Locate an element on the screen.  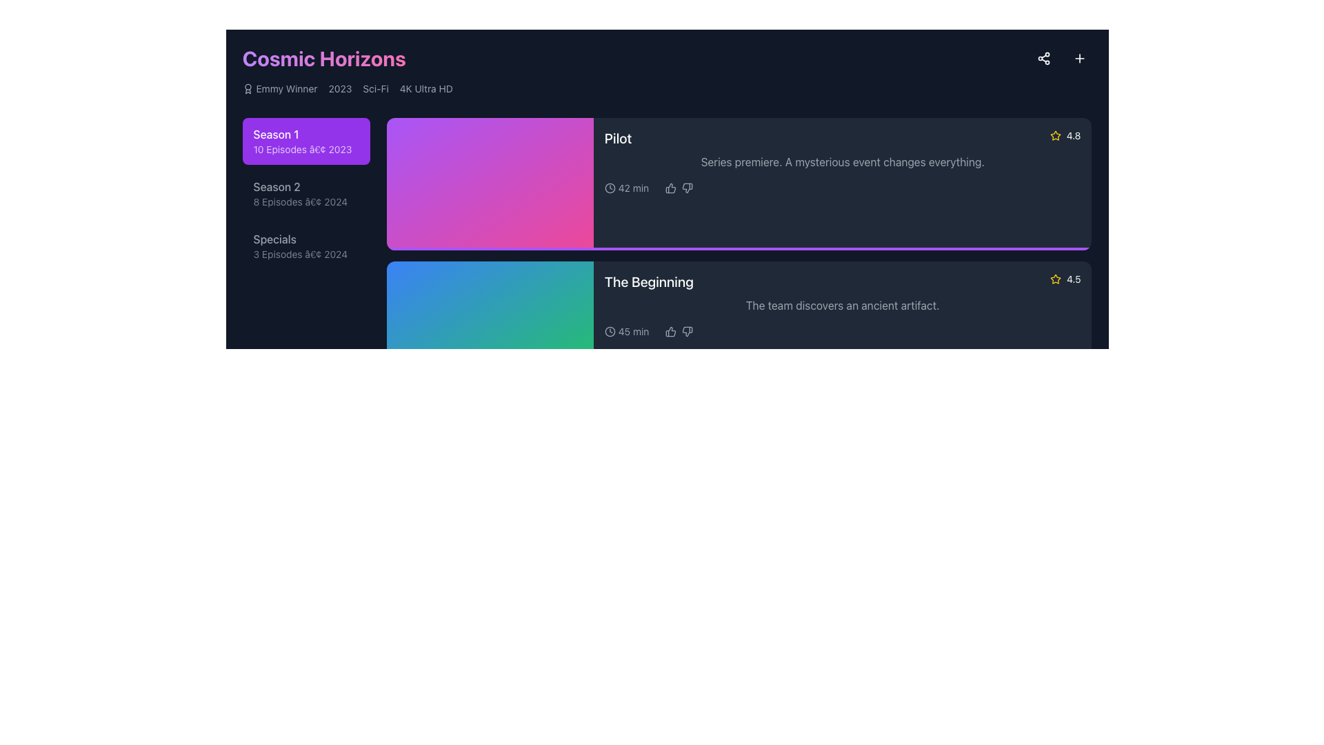
the thumbs-up icon for positive feedback on the 'Pilot' episode, which is part of the interactive feedback mechanism located adjacent to the time duration is located at coordinates (679, 188).